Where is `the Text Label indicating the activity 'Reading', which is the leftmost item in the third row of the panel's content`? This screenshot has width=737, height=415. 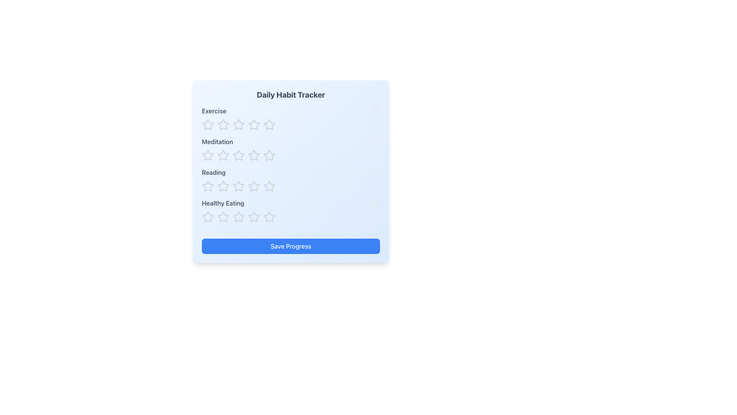
the Text Label indicating the activity 'Reading', which is the leftmost item in the third row of the panel's content is located at coordinates (213, 172).